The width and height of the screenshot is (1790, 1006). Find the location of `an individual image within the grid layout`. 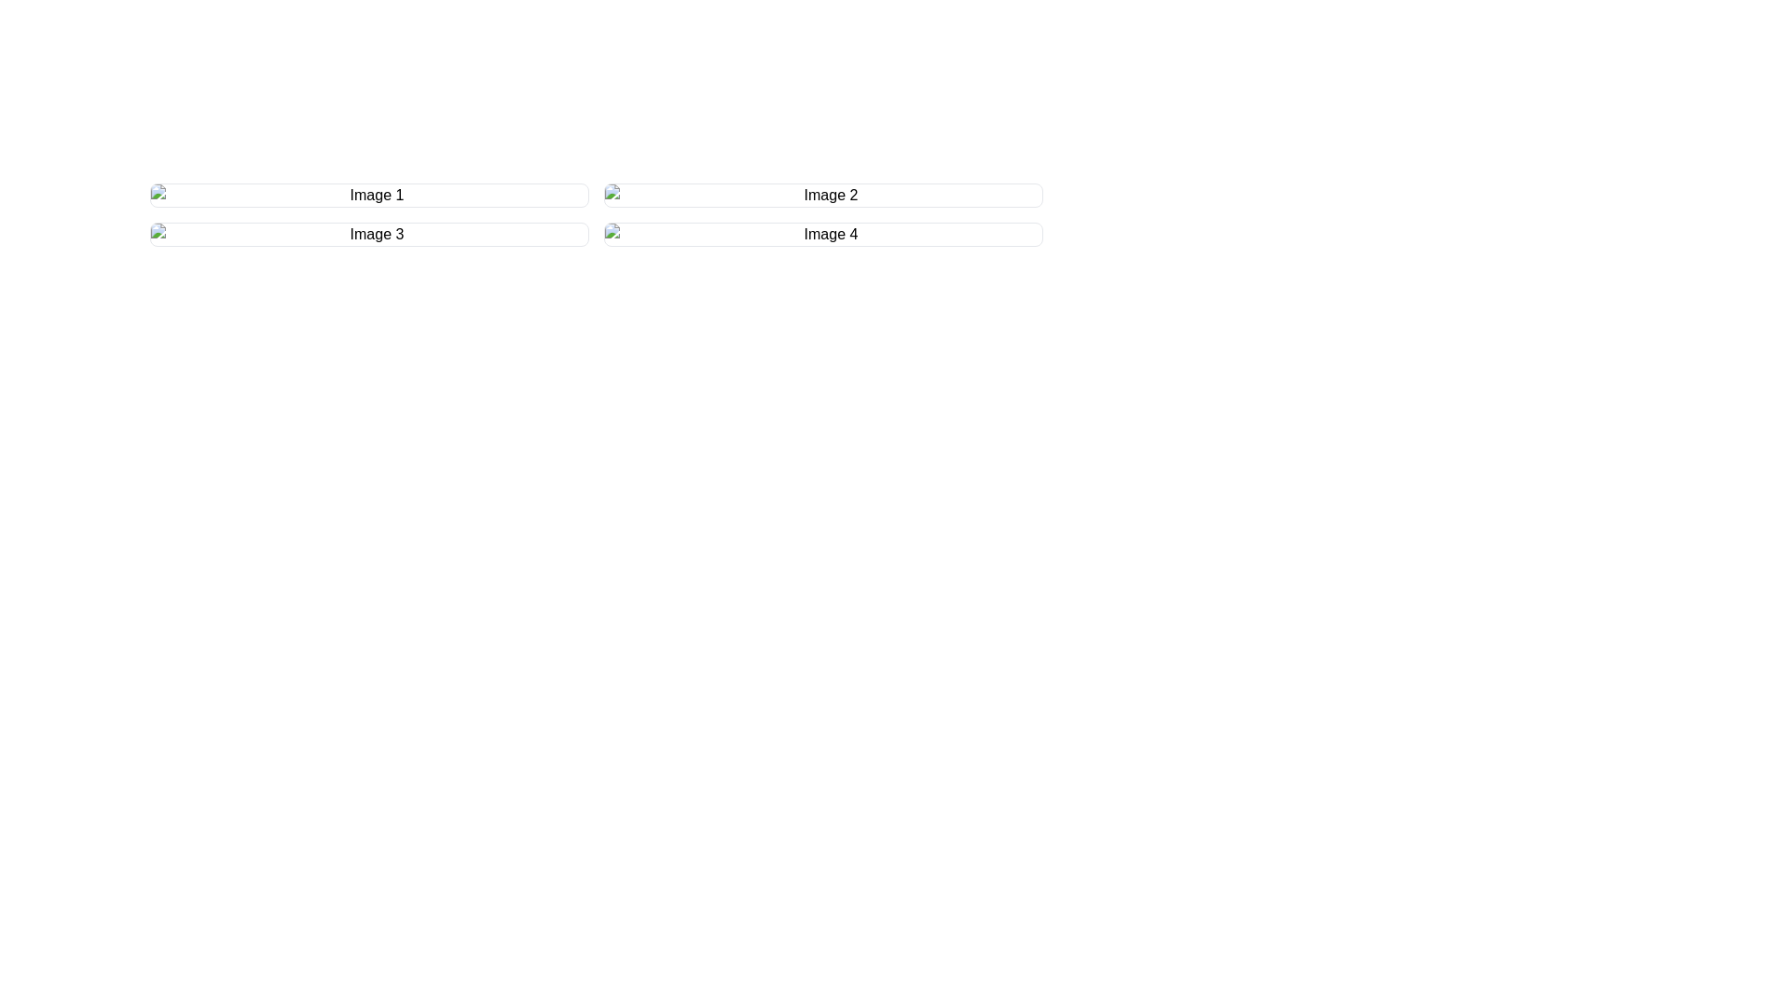

an individual image within the grid layout is located at coordinates (595, 214).